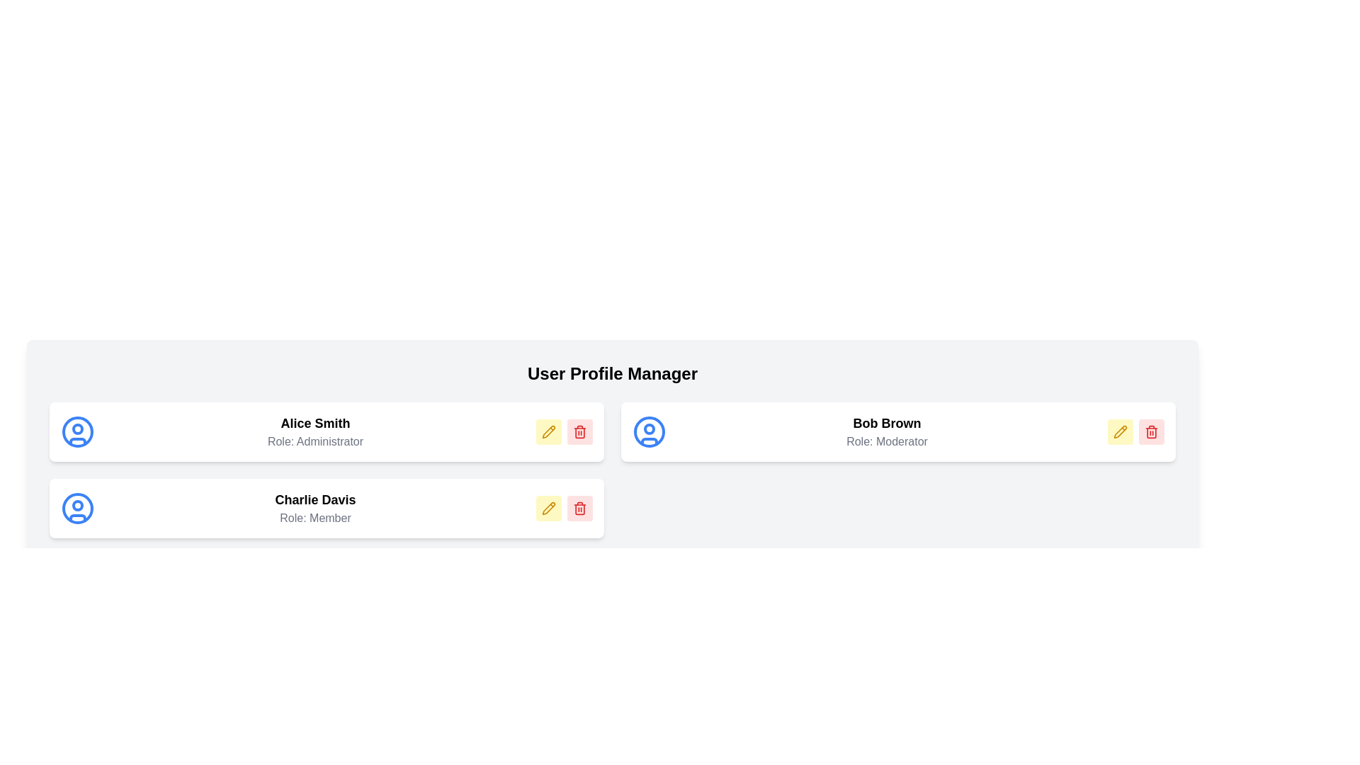 This screenshot has width=1360, height=765. I want to click on the text label displaying 'Charlie Davis', which is in bold and slightly larger than surrounding text, located above 'Role: Member' within the profile card, so click(314, 499).